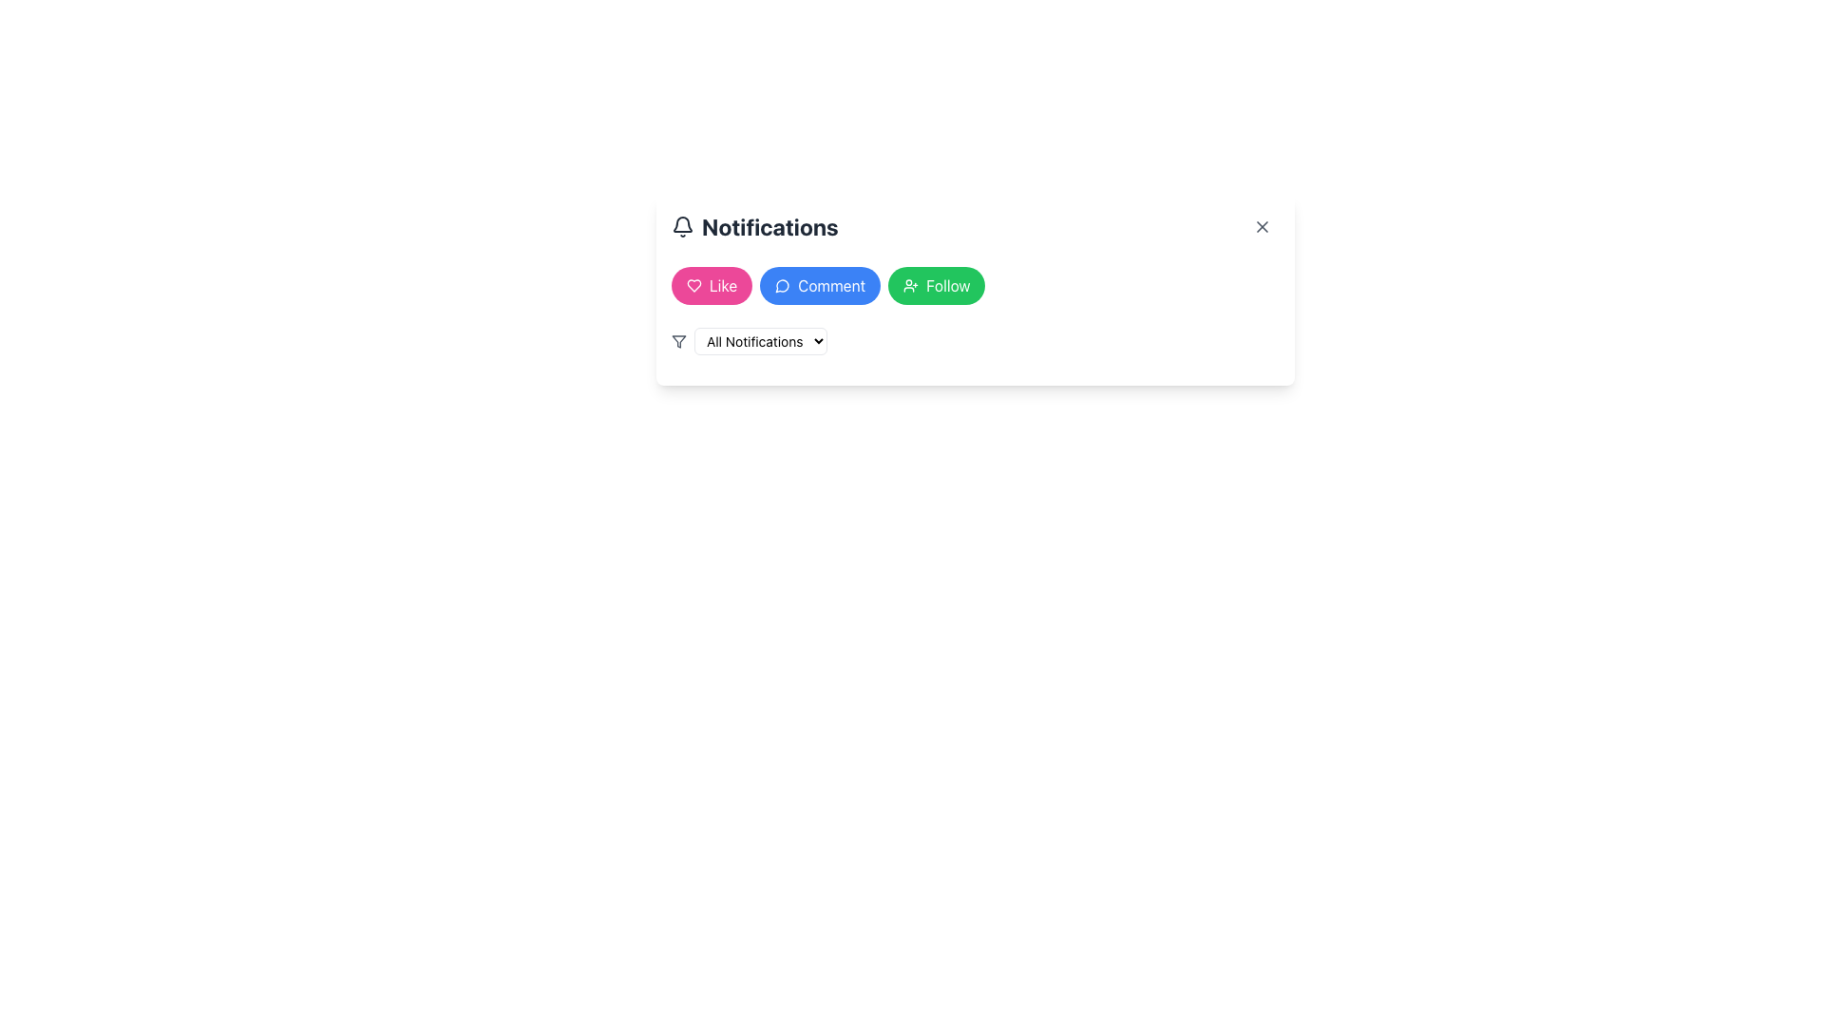  Describe the element at coordinates (820, 285) in the screenshot. I see `the comment button located between the pink 'Like' button and the green 'Follow' button, situated below the 'Notifications' title` at that location.